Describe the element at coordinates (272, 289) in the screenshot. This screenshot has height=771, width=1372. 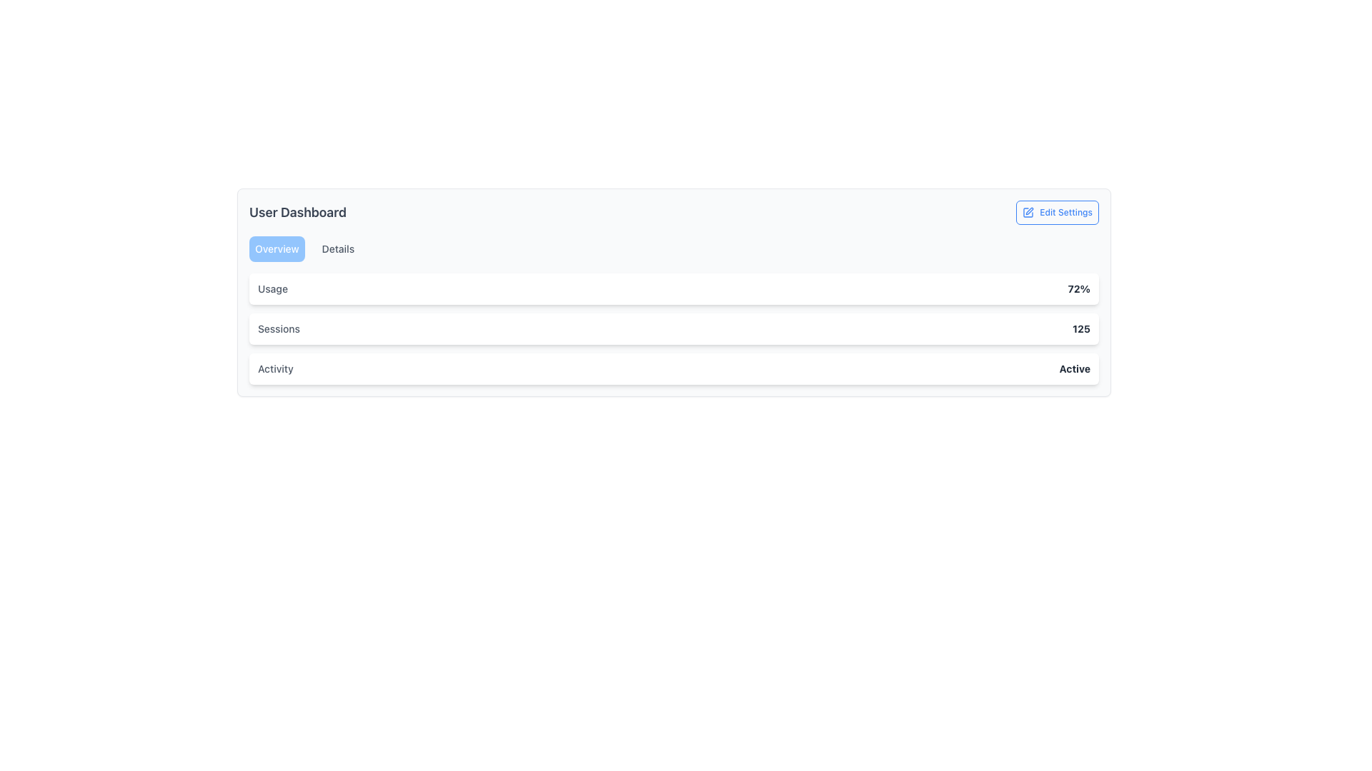
I see `the text label displaying 'Usage' which is styled in medium-sized gray font and positioned at the top-left of the dashboard interface` at that location.